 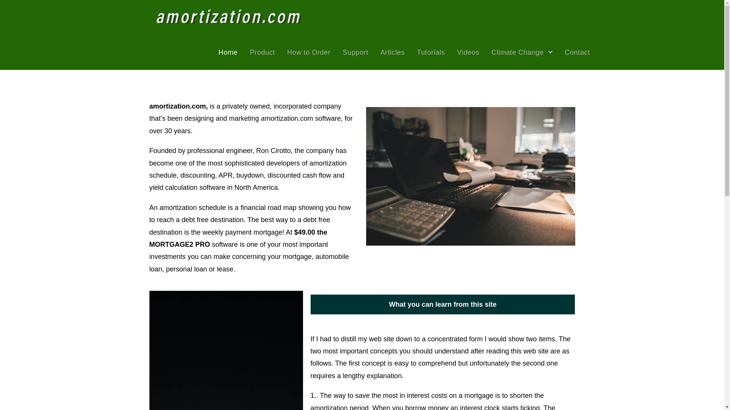 What do you see at coordinates (281, 52) in the screenshot?
I see `'How to Order'` at bounding box center [281, 52].